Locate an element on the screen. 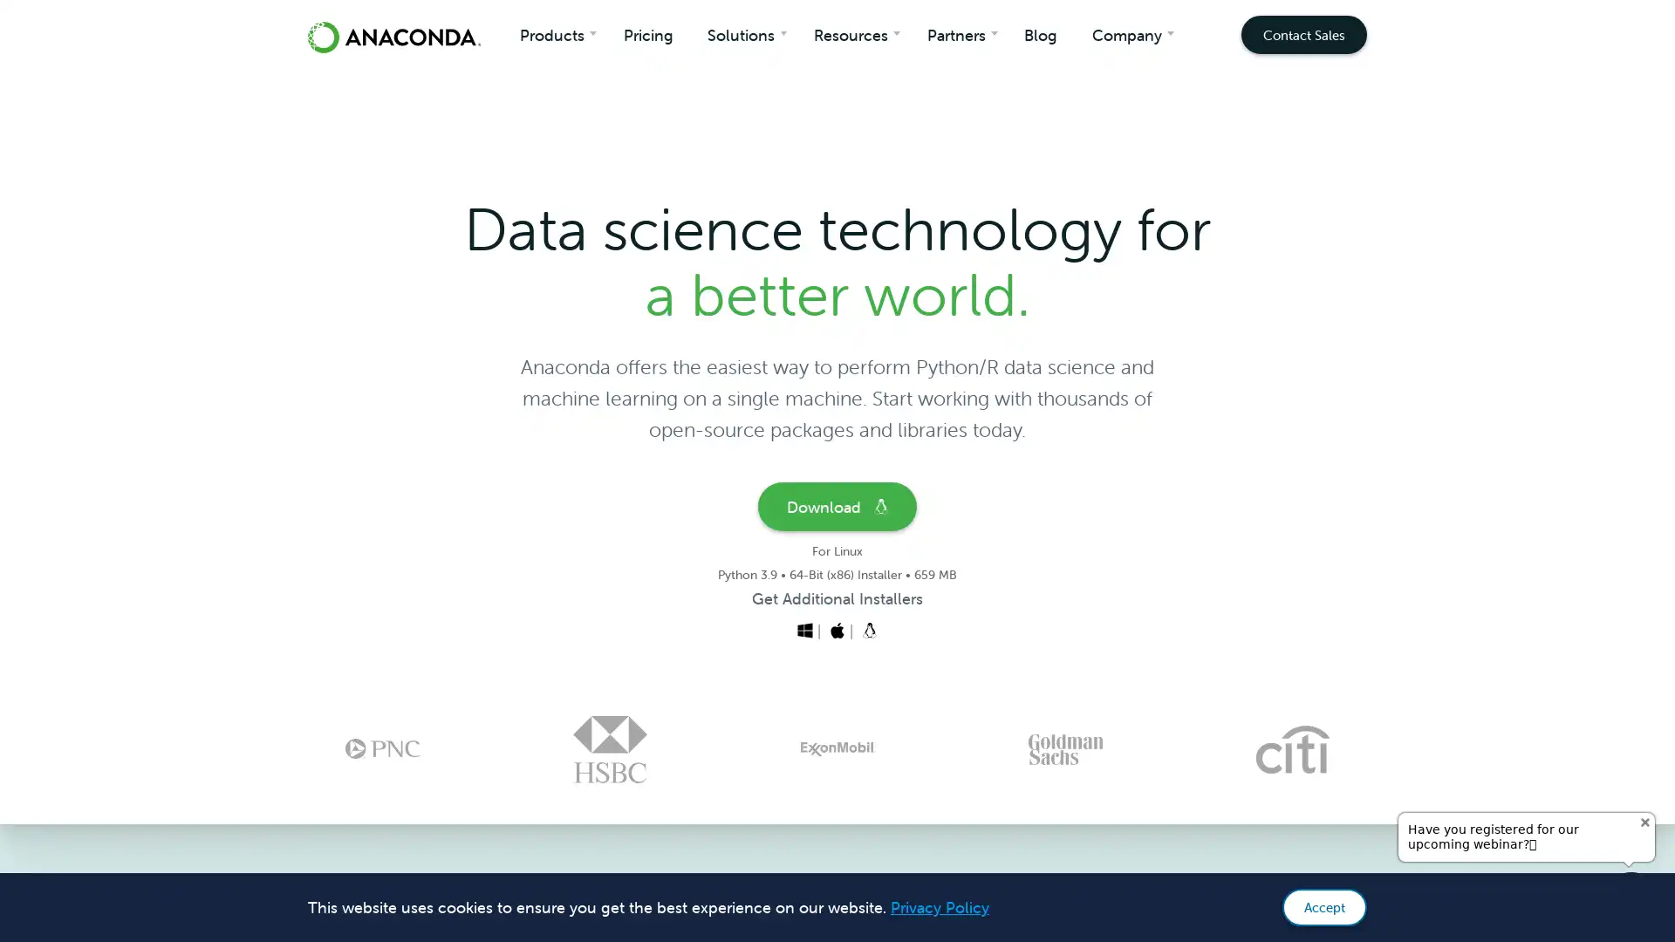 The height and width of the screenshot is (942, 1675). learn more about cookies is located at coordinates (939, 905).